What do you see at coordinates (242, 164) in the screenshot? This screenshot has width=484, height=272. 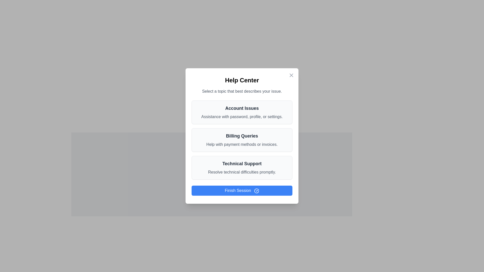 I see `text content of the bold 'Technical Support' label, which is centrally aligned in the Help Center modal dialog` at bounding box center [242, 164].